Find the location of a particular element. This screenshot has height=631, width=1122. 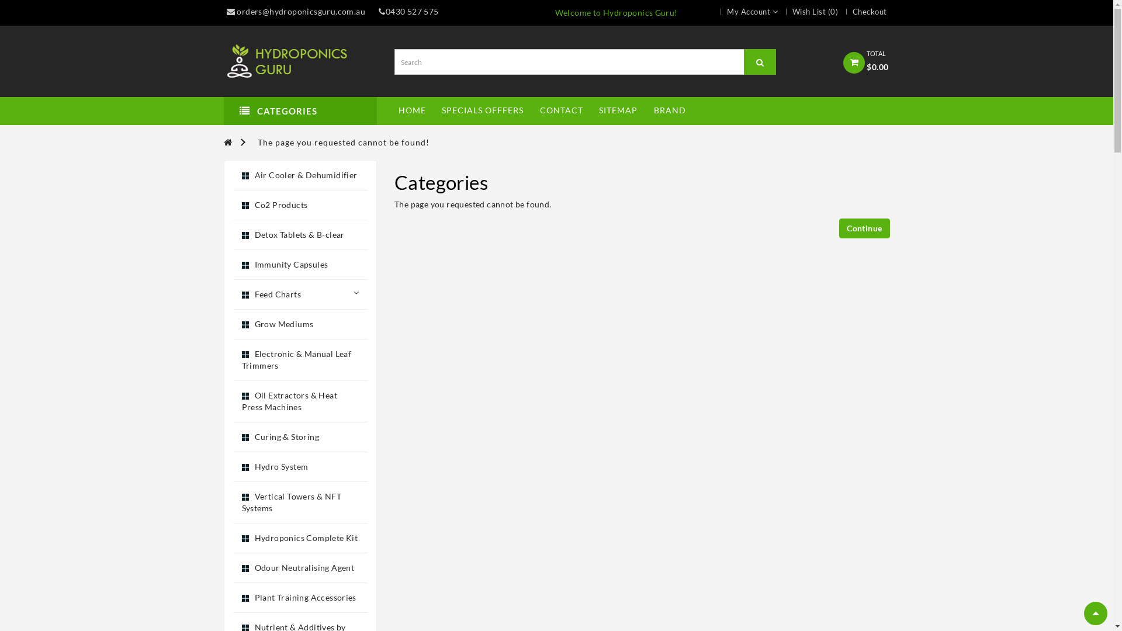

'Plant Training Accessories' is located at coordinates (233, 598).